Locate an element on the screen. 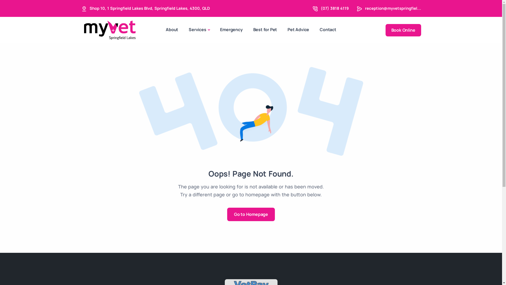 This screenshot has height=285, width=506. 'Best for Pet' is located at coordinates (265, 30).